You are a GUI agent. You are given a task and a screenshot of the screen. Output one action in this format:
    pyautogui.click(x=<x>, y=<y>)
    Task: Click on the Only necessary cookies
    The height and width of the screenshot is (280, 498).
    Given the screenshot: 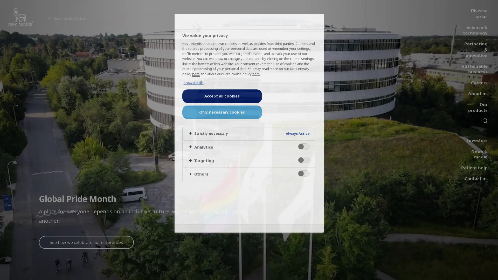 What is the action you would take?
    pyautogui.click(x=222, y=112)
    